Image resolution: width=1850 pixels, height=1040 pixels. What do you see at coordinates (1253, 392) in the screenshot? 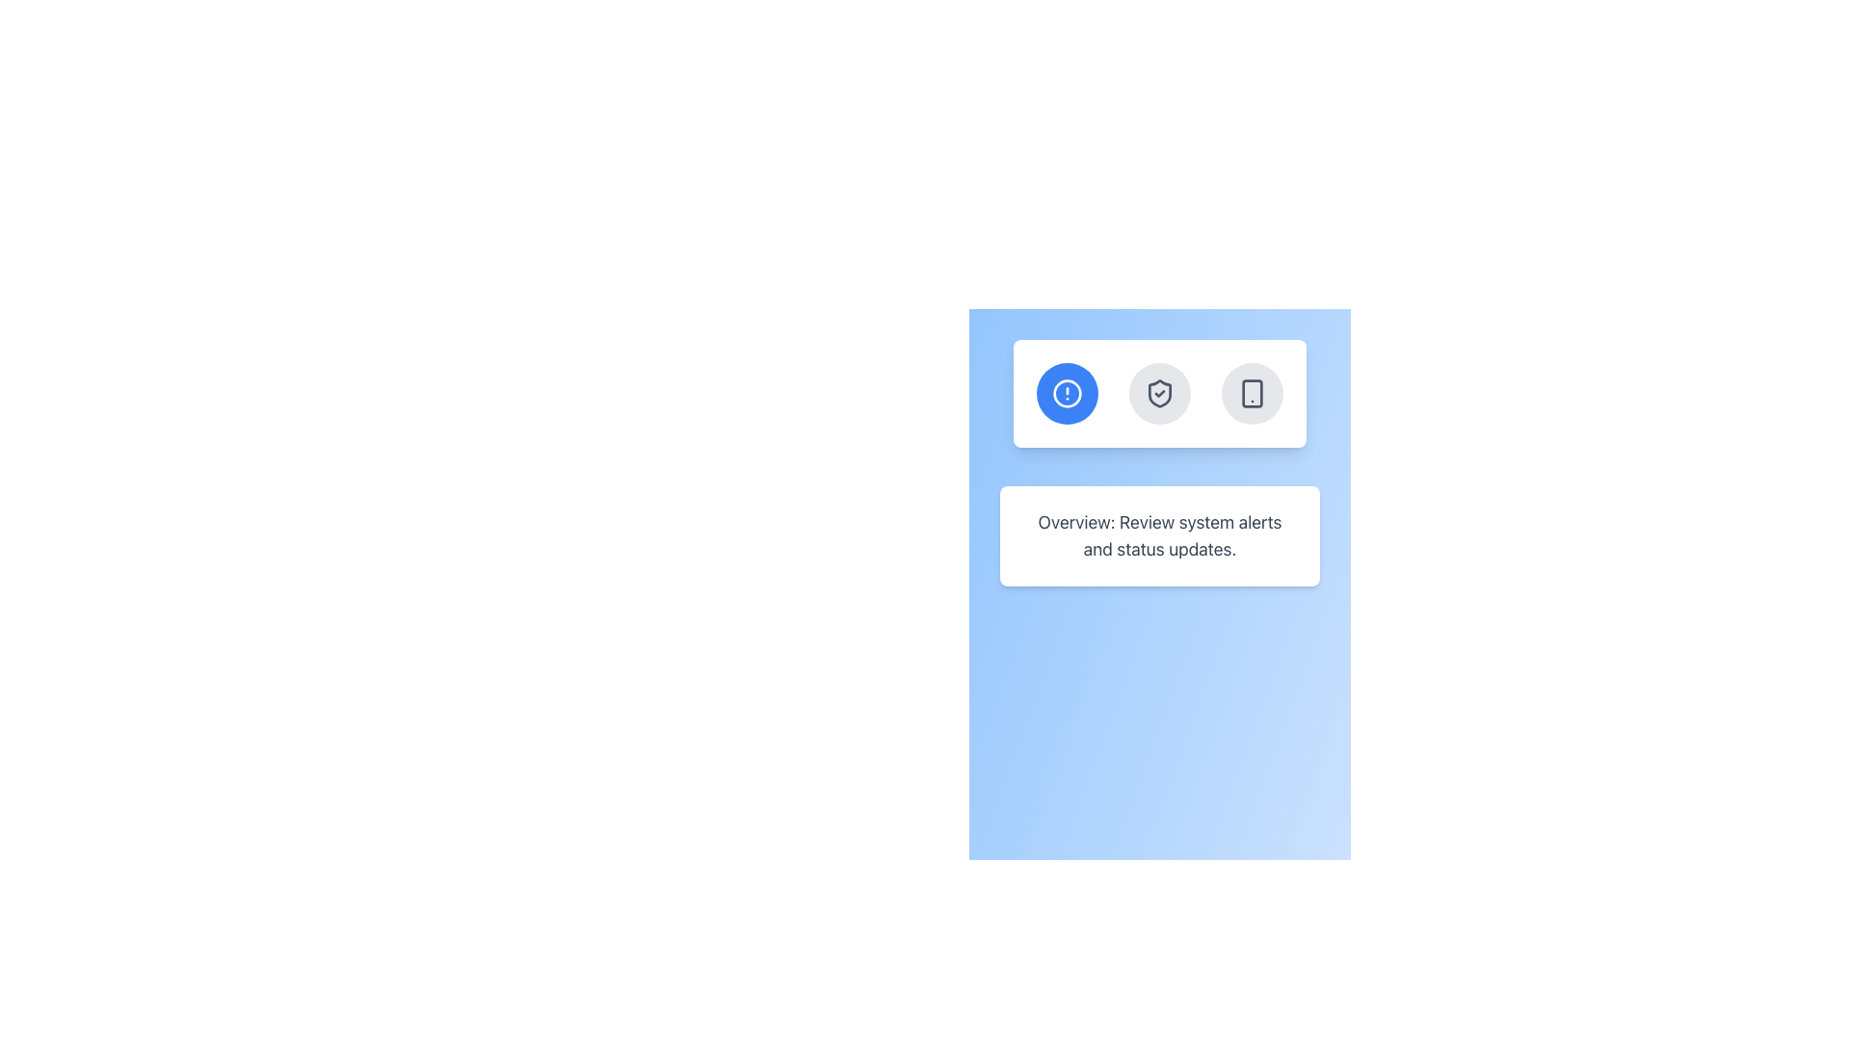
I see `the third button in a horizontal row of circular buttons within a blue rectangular card, which is associated with smartphone-related settings or actions` at bounding box center [1253, 392].